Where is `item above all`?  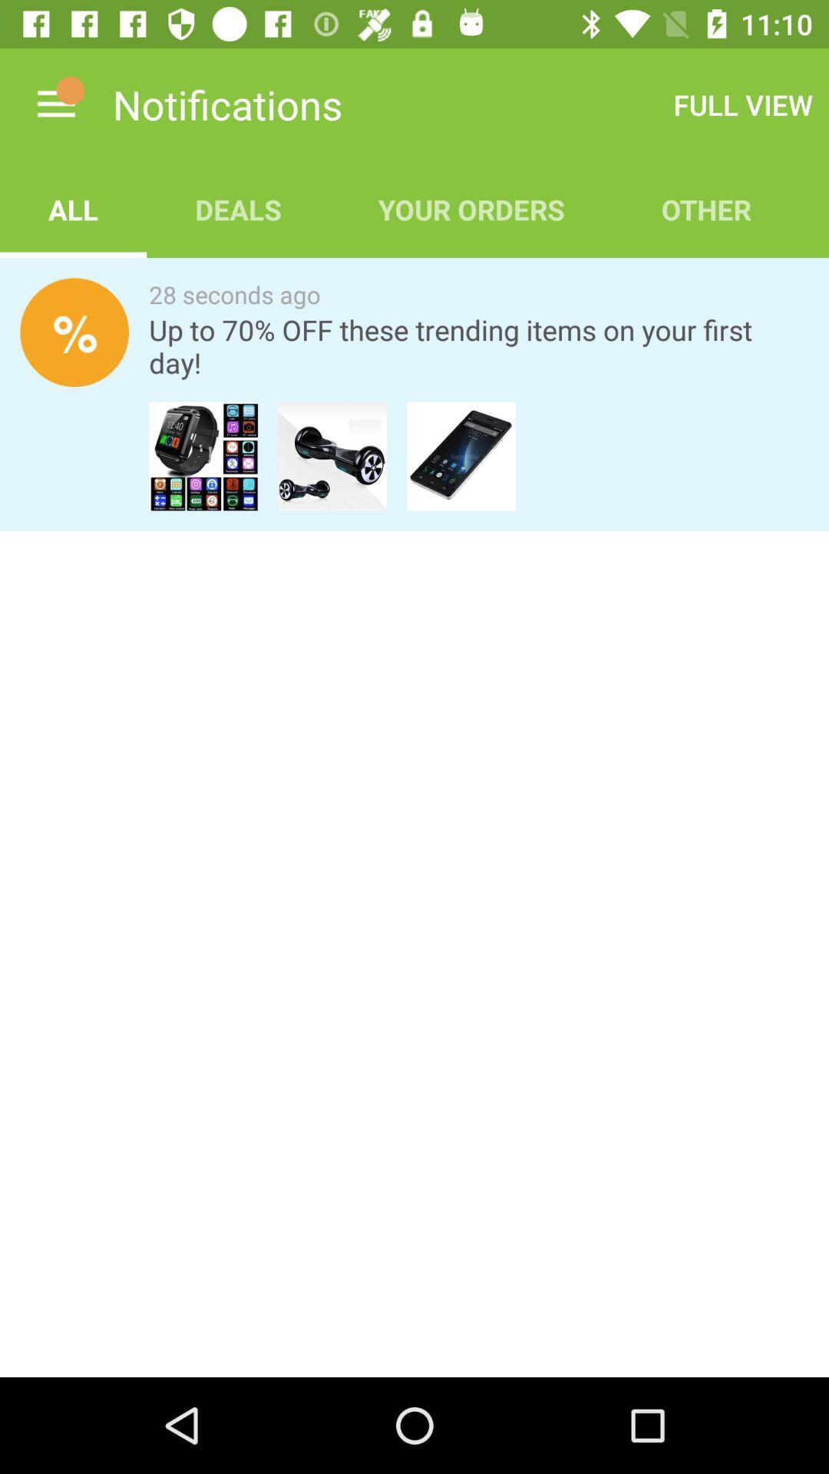
item above all is located at coordinates (55, 104).